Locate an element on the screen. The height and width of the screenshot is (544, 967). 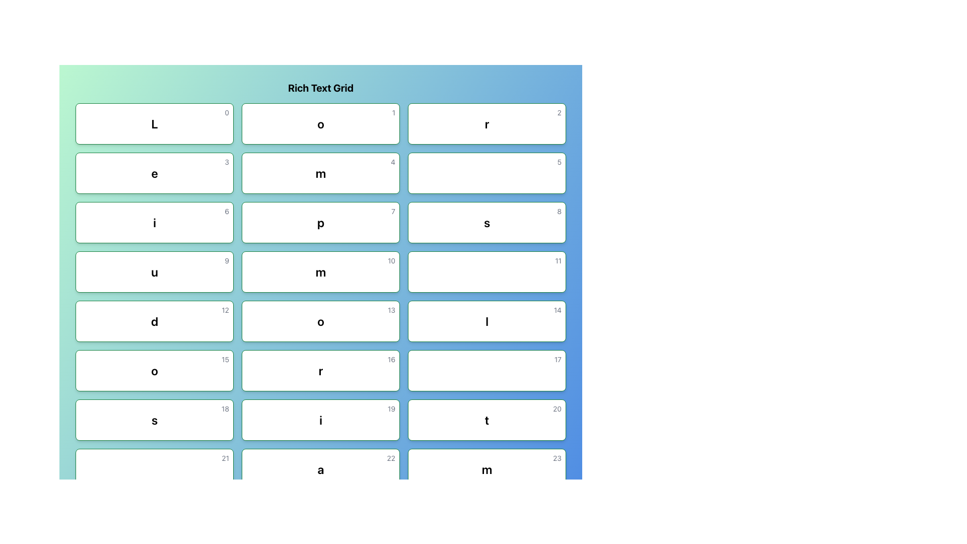
the rectangular button with a white background and green border that displays the number '11' in the top-right corner is located at coordinates (487, 272).